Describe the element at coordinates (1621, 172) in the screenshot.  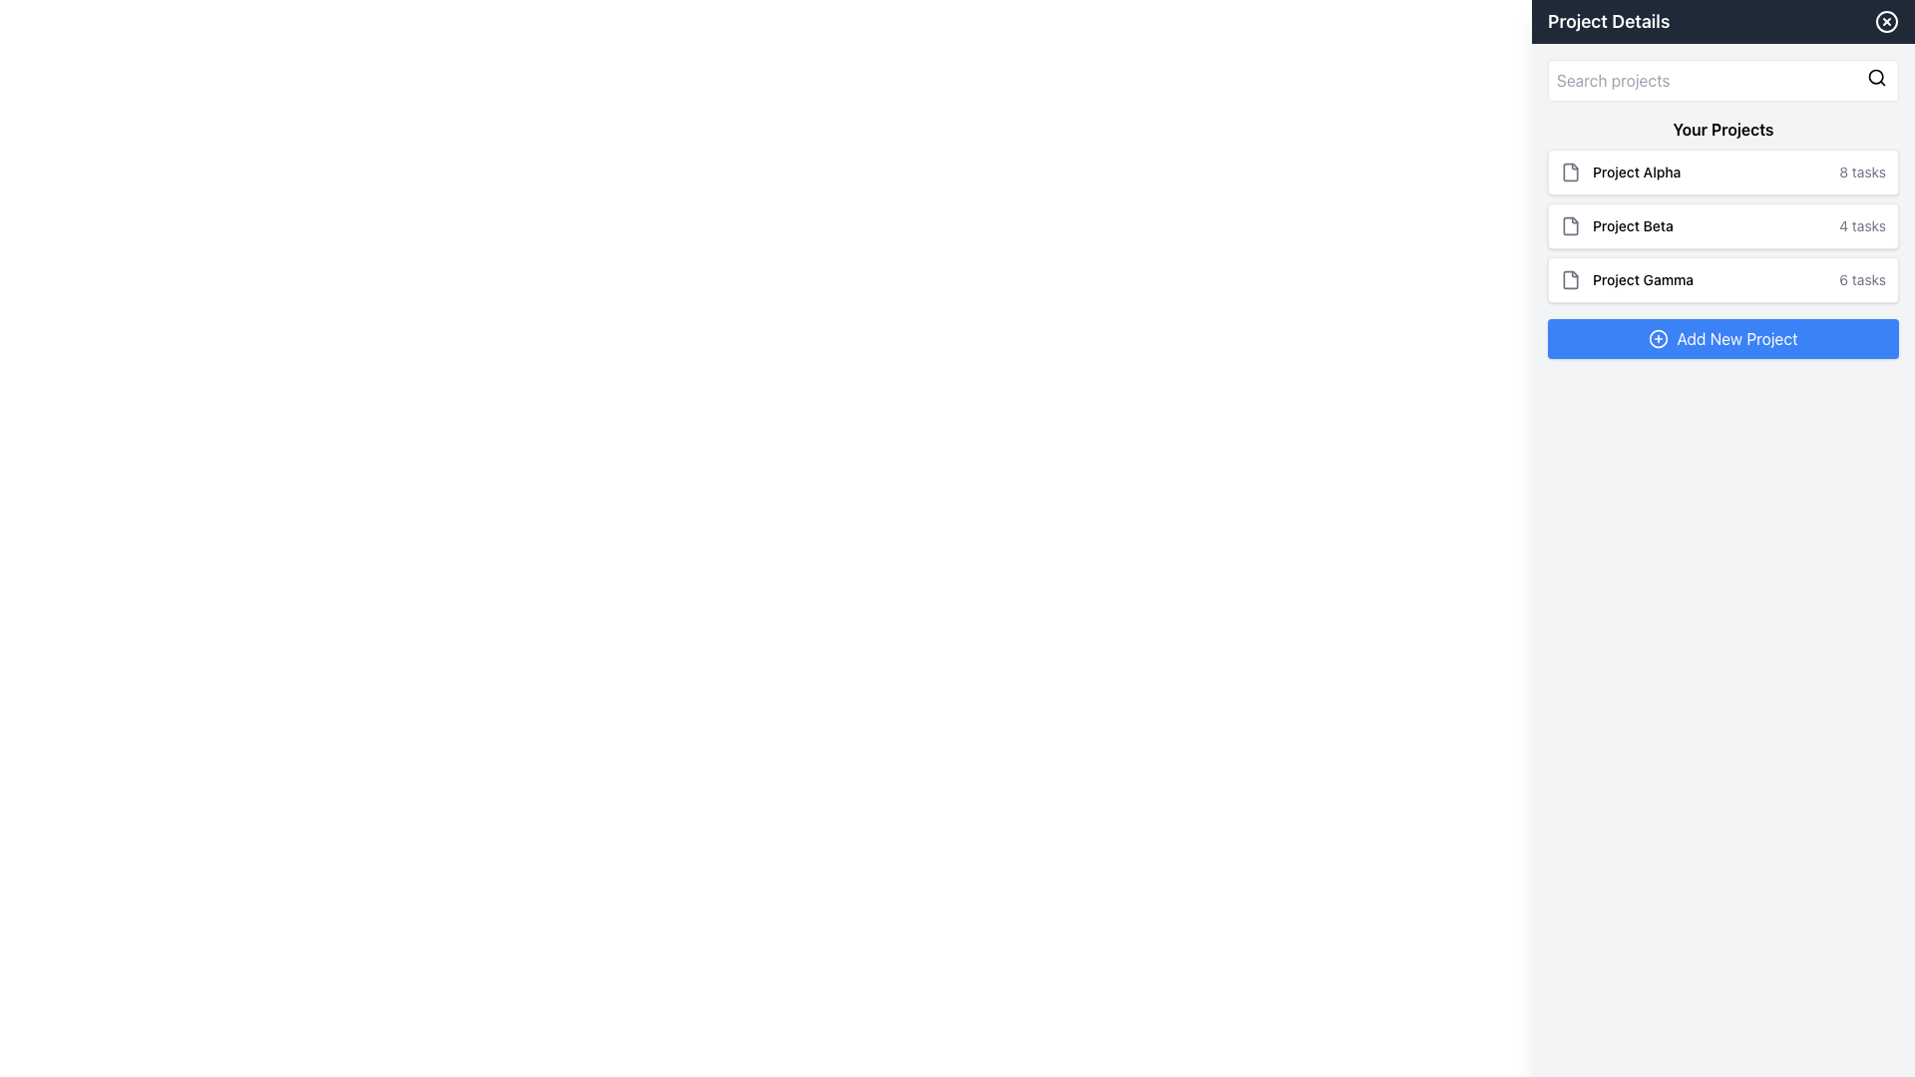
I see `the text label that identifies the project as 'Project Alpha', located at the top of the list under 'Your Projects' in the right panel of the interface` at that location.